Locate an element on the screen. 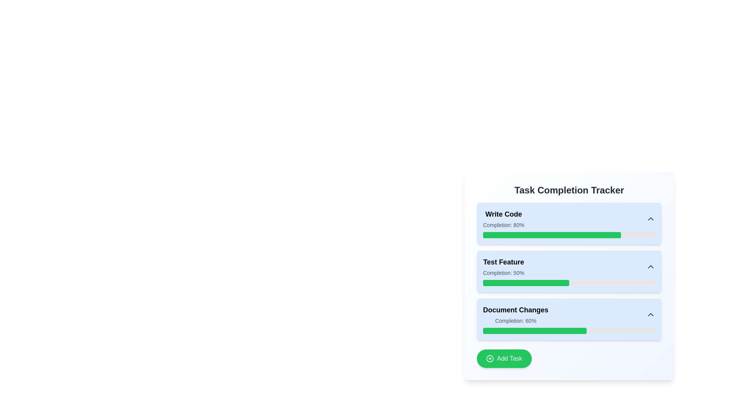 The image size is (742, 417). the 'Document Changes' text label located at the top of the 'Document Changes' card is located at coordinates (516, 309).